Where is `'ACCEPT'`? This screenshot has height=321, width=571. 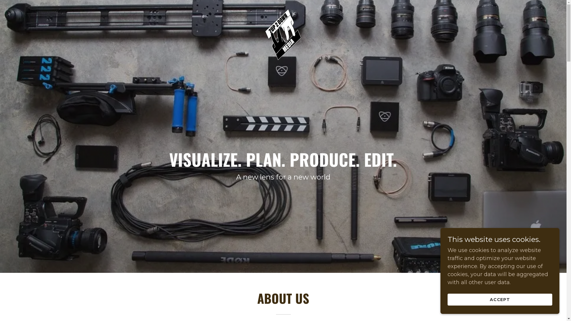
'ACCEPT' is located at coordinates (500, 299).